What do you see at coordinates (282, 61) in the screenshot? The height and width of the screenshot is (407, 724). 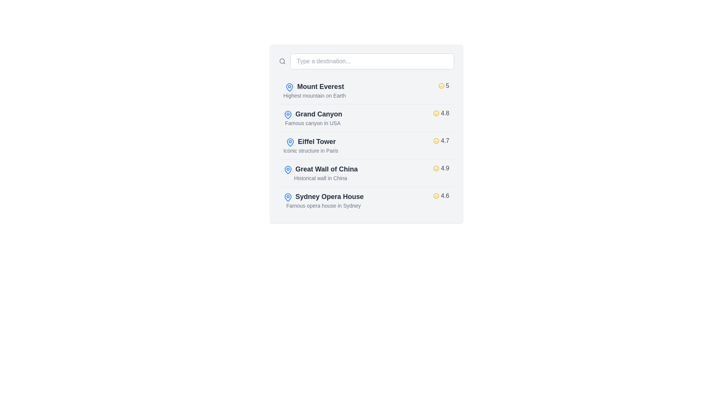 I see `the decorative search icon located on the left side of the search input field, which indicates the search functionality` at bounding box center [282, 61].